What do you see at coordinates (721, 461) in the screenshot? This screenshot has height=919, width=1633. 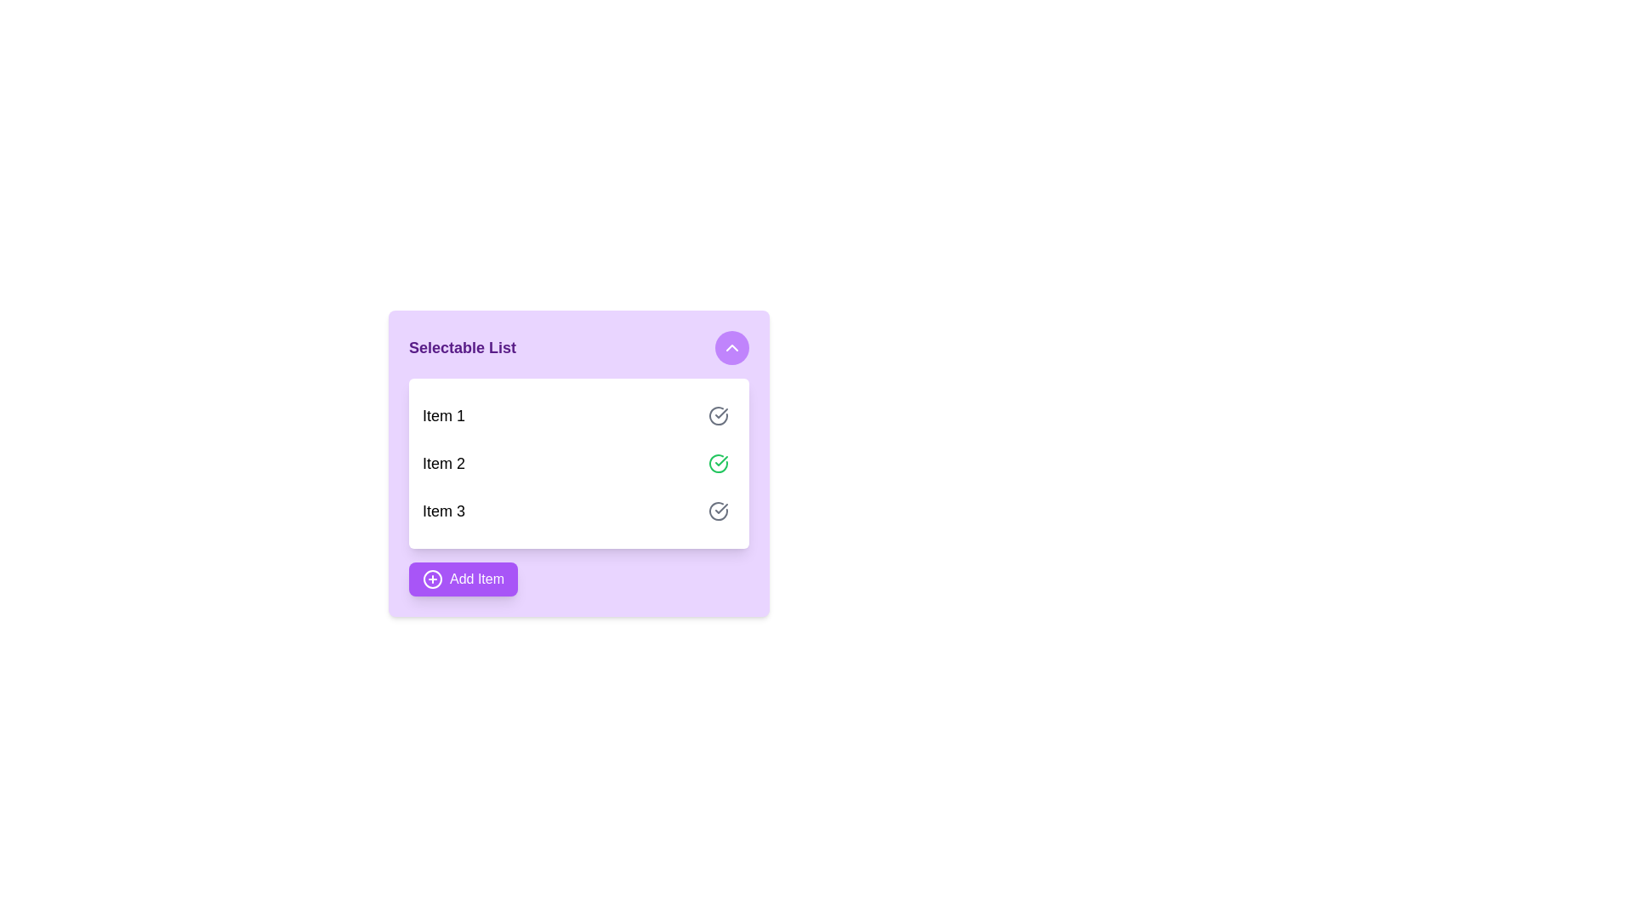 I see `the graphical checkmark icon located in the second row of the list on the far right side` at bounding box center [721, 461].